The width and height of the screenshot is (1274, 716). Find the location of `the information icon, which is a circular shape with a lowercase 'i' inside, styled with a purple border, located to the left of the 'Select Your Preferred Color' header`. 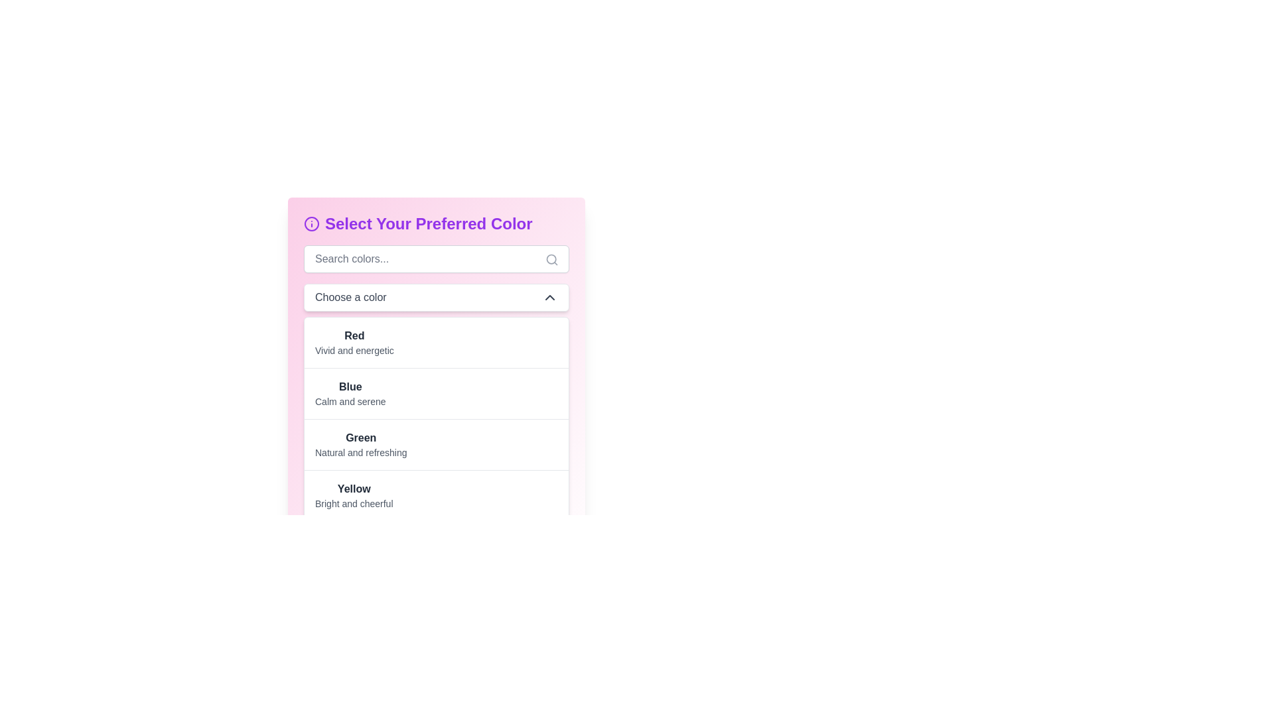

the information icon, which is a circular shape with a lowercase 'i' inside, styled with a purple border, located to the left of the 'Select Your Preferred Color' header is located at coordinates (311, 223).